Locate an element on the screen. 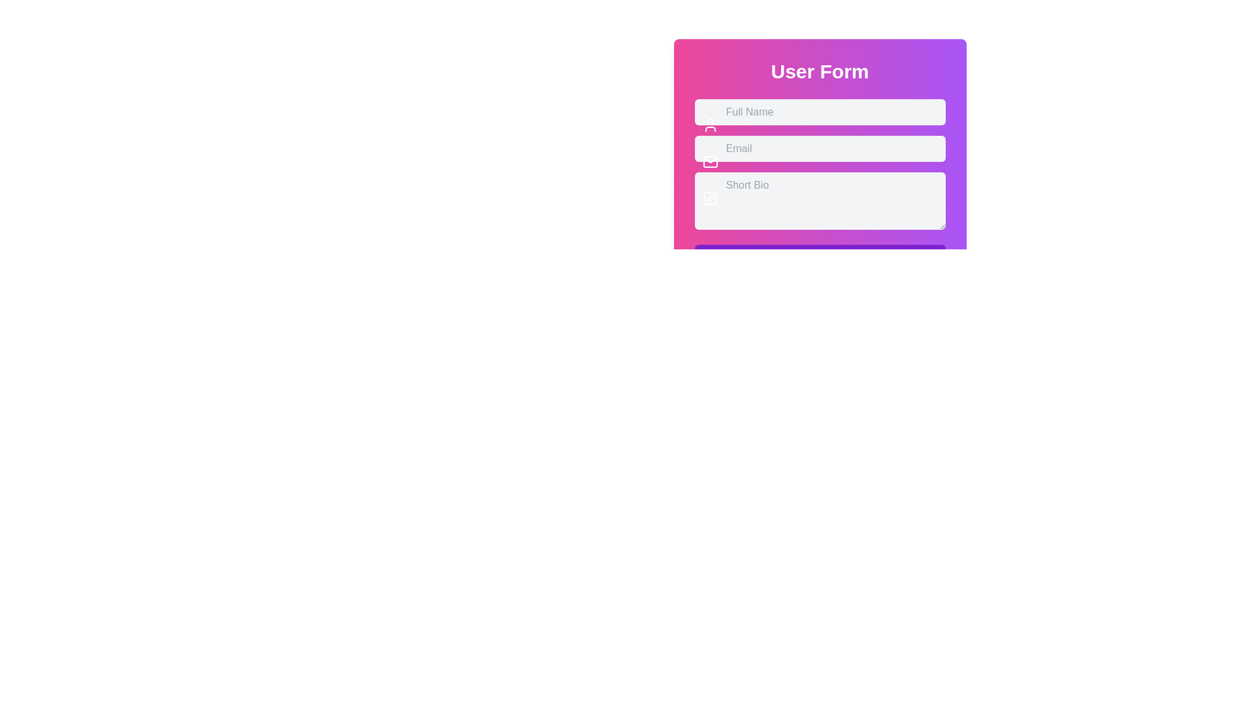 The height and width of the screenshot is (705, 1254). the text input field for email, which has a light gray background, rounded edges, and a placeholder text saying 'Email' is located at coordinates (819, 136).